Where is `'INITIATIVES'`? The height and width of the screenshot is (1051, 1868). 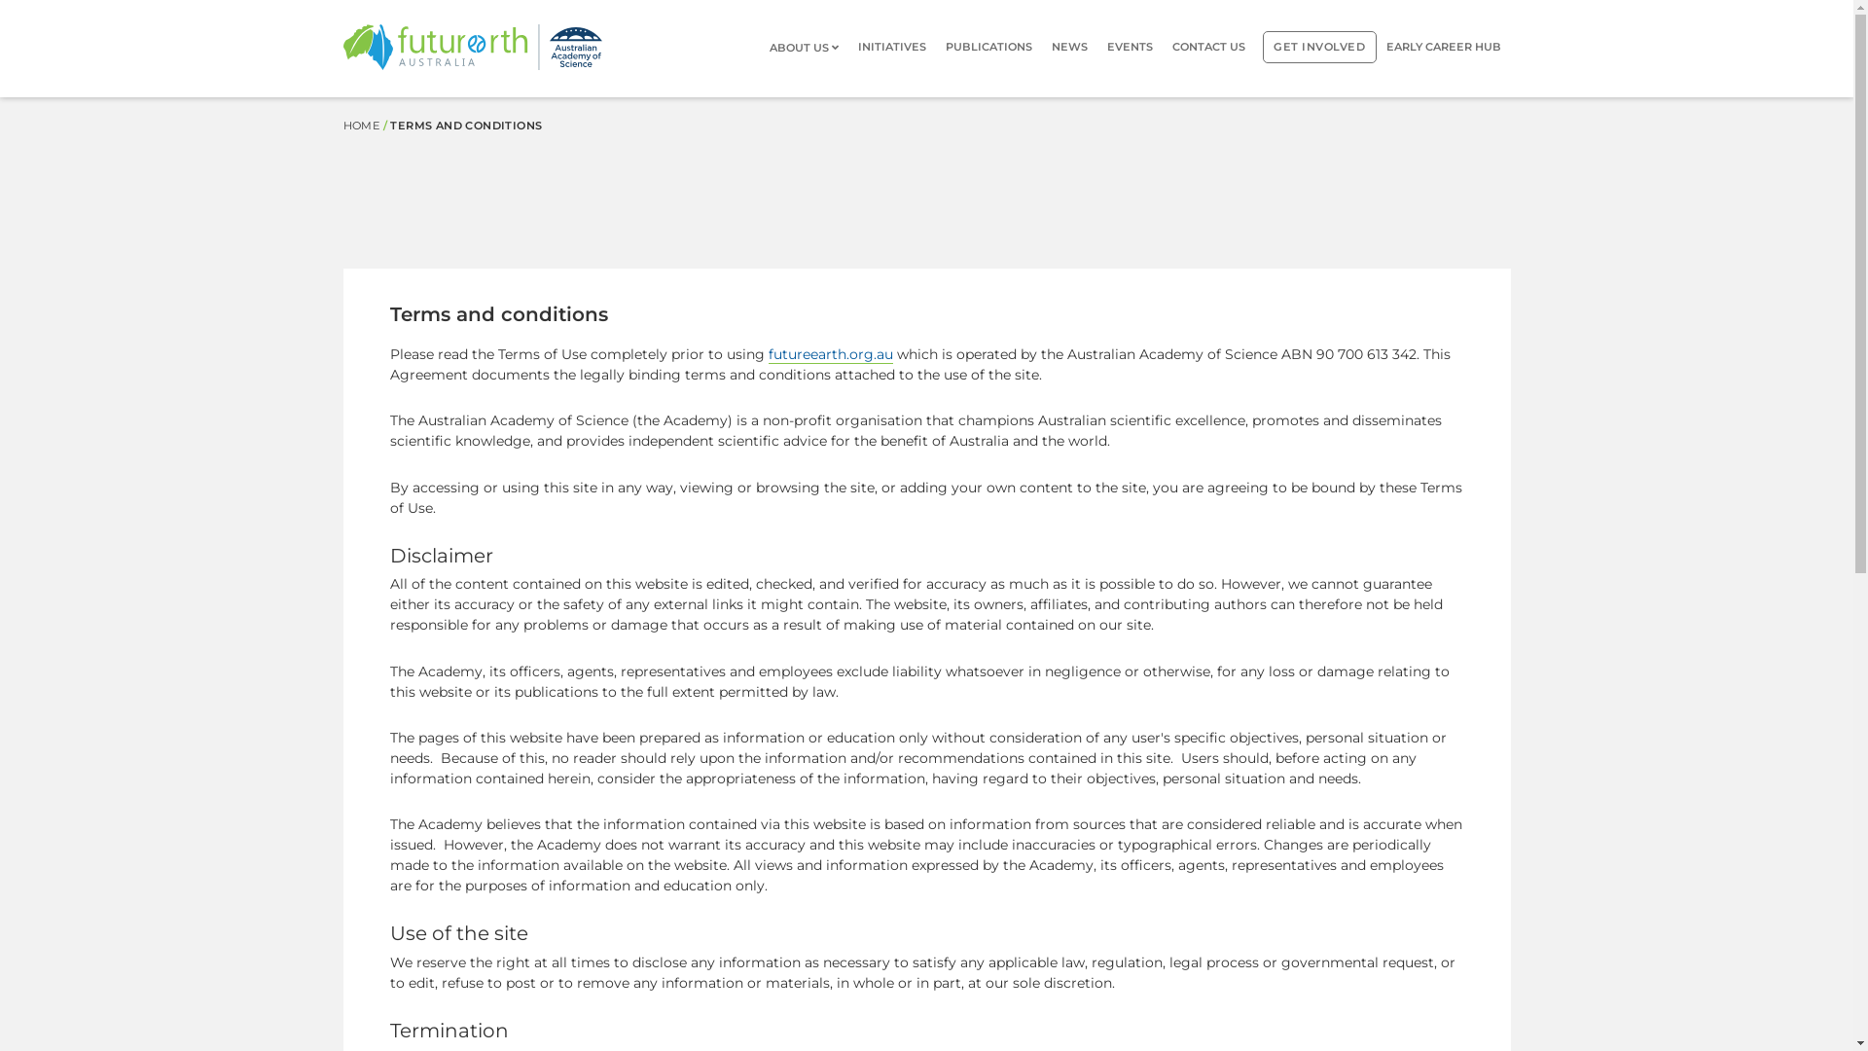
'INITIATIVES' is located at coordinates (890, 46).